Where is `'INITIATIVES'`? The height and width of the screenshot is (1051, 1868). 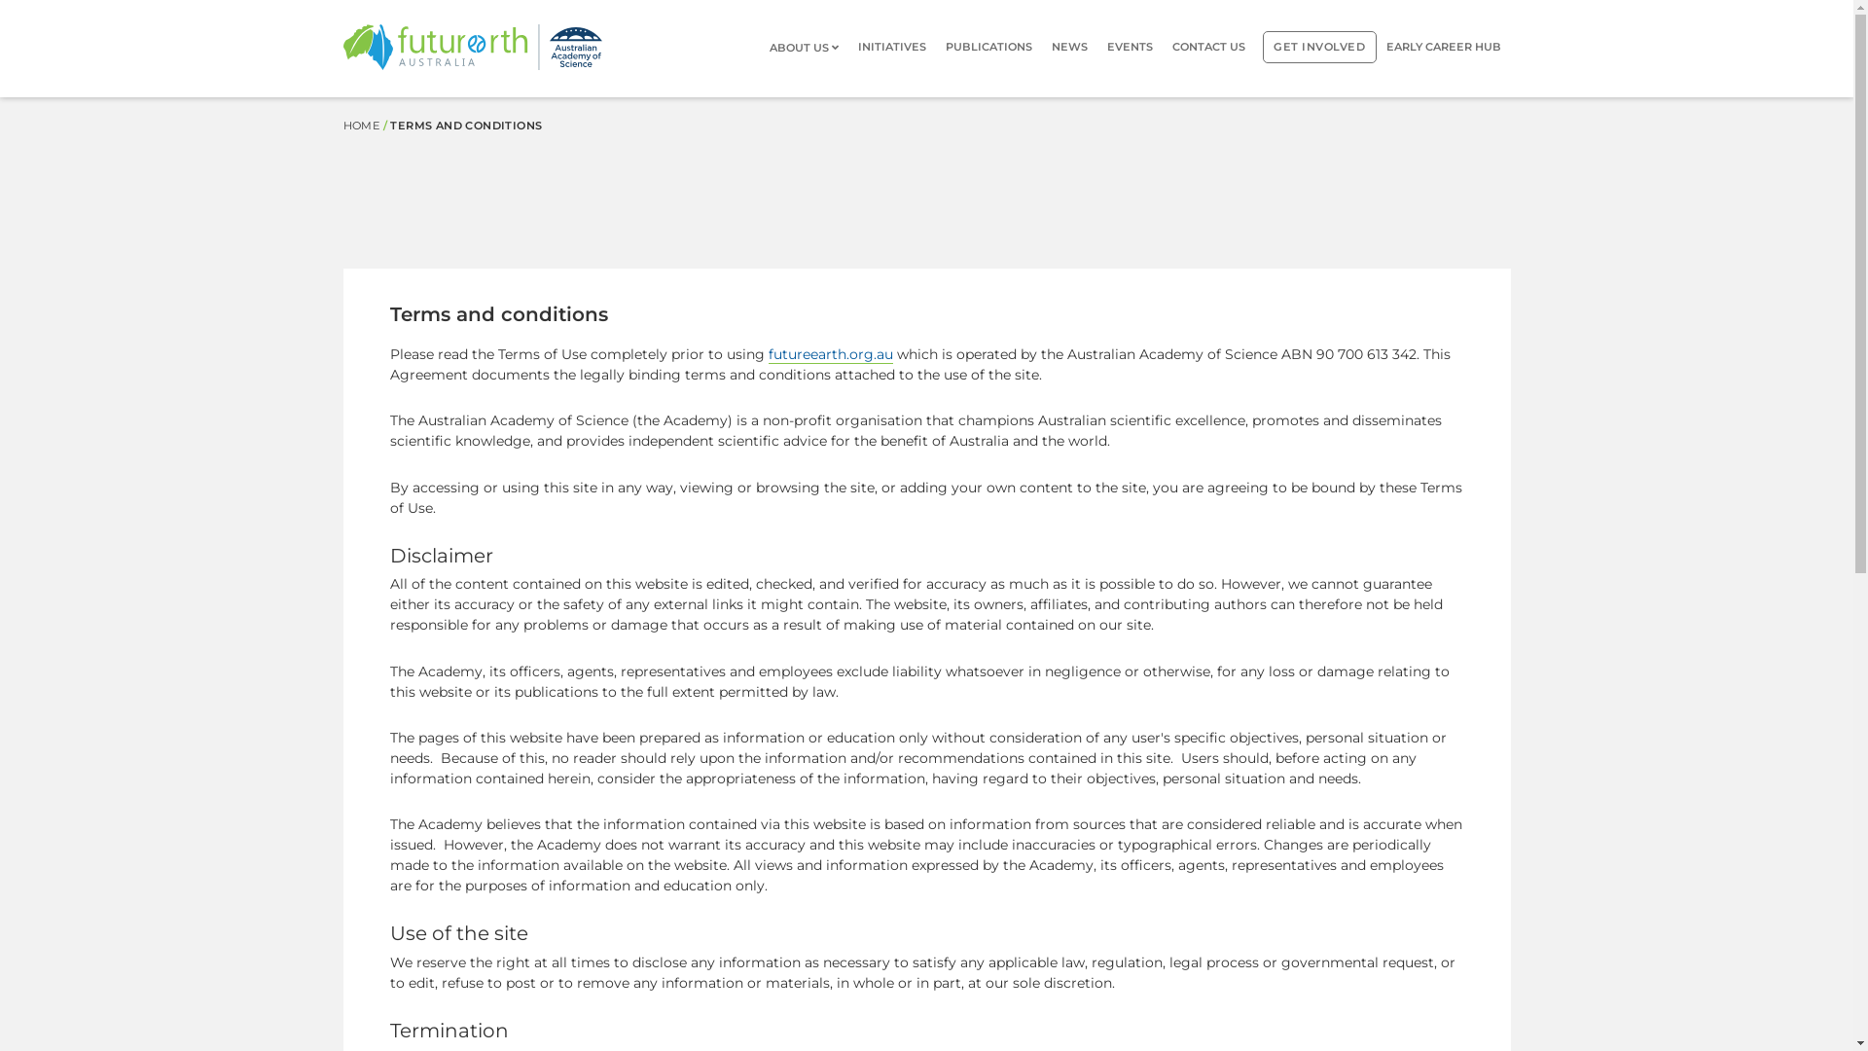
'INITIATIVES' is located at coordinates (890, 46).